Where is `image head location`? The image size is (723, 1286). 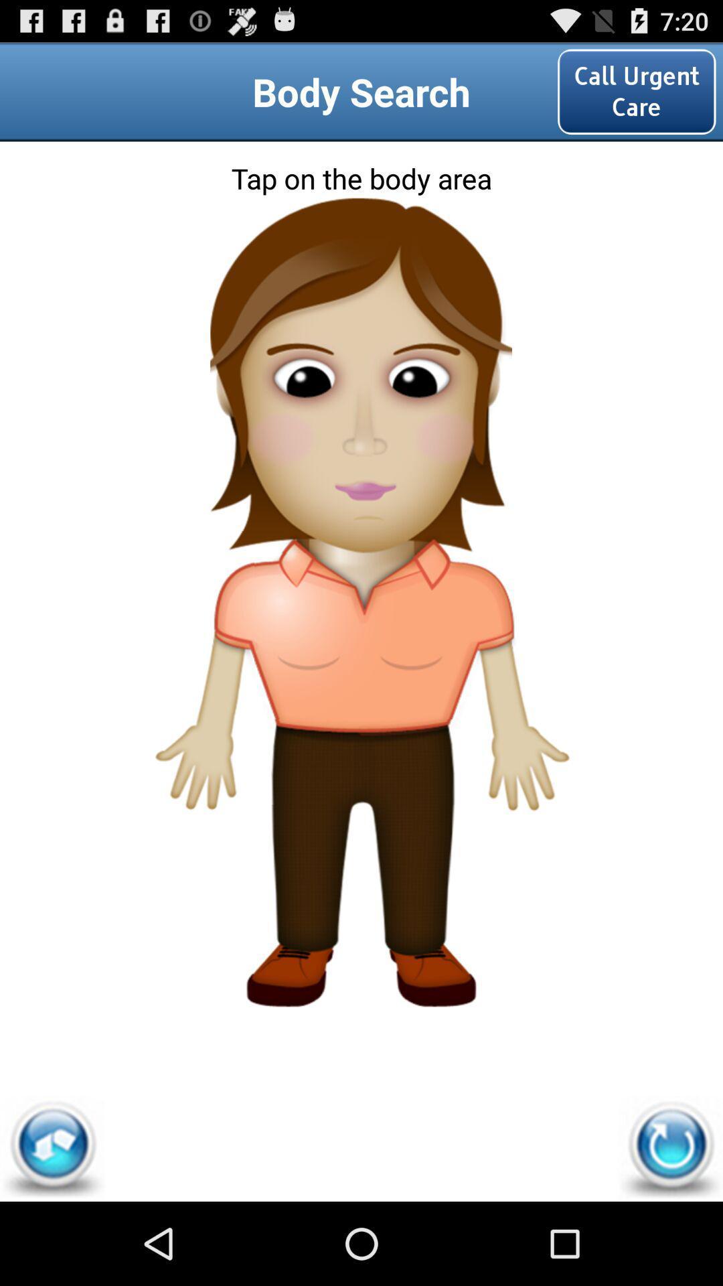
image head location is located at coordinates (360, 257).